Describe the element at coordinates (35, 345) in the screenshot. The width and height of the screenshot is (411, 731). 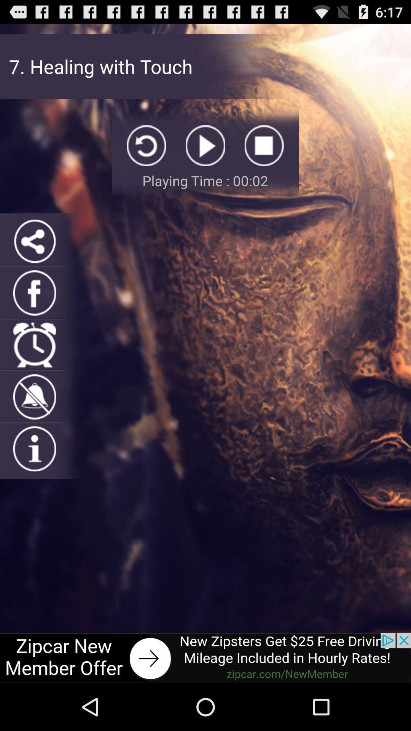
I see `alarm feature` at that location.